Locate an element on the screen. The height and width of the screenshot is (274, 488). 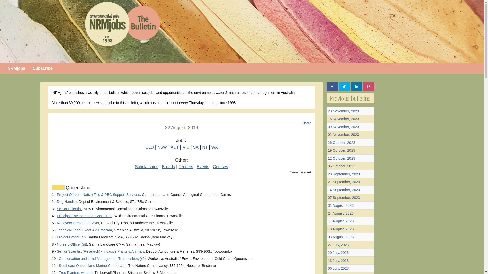
'NT' is located at coordinates (205, 147).